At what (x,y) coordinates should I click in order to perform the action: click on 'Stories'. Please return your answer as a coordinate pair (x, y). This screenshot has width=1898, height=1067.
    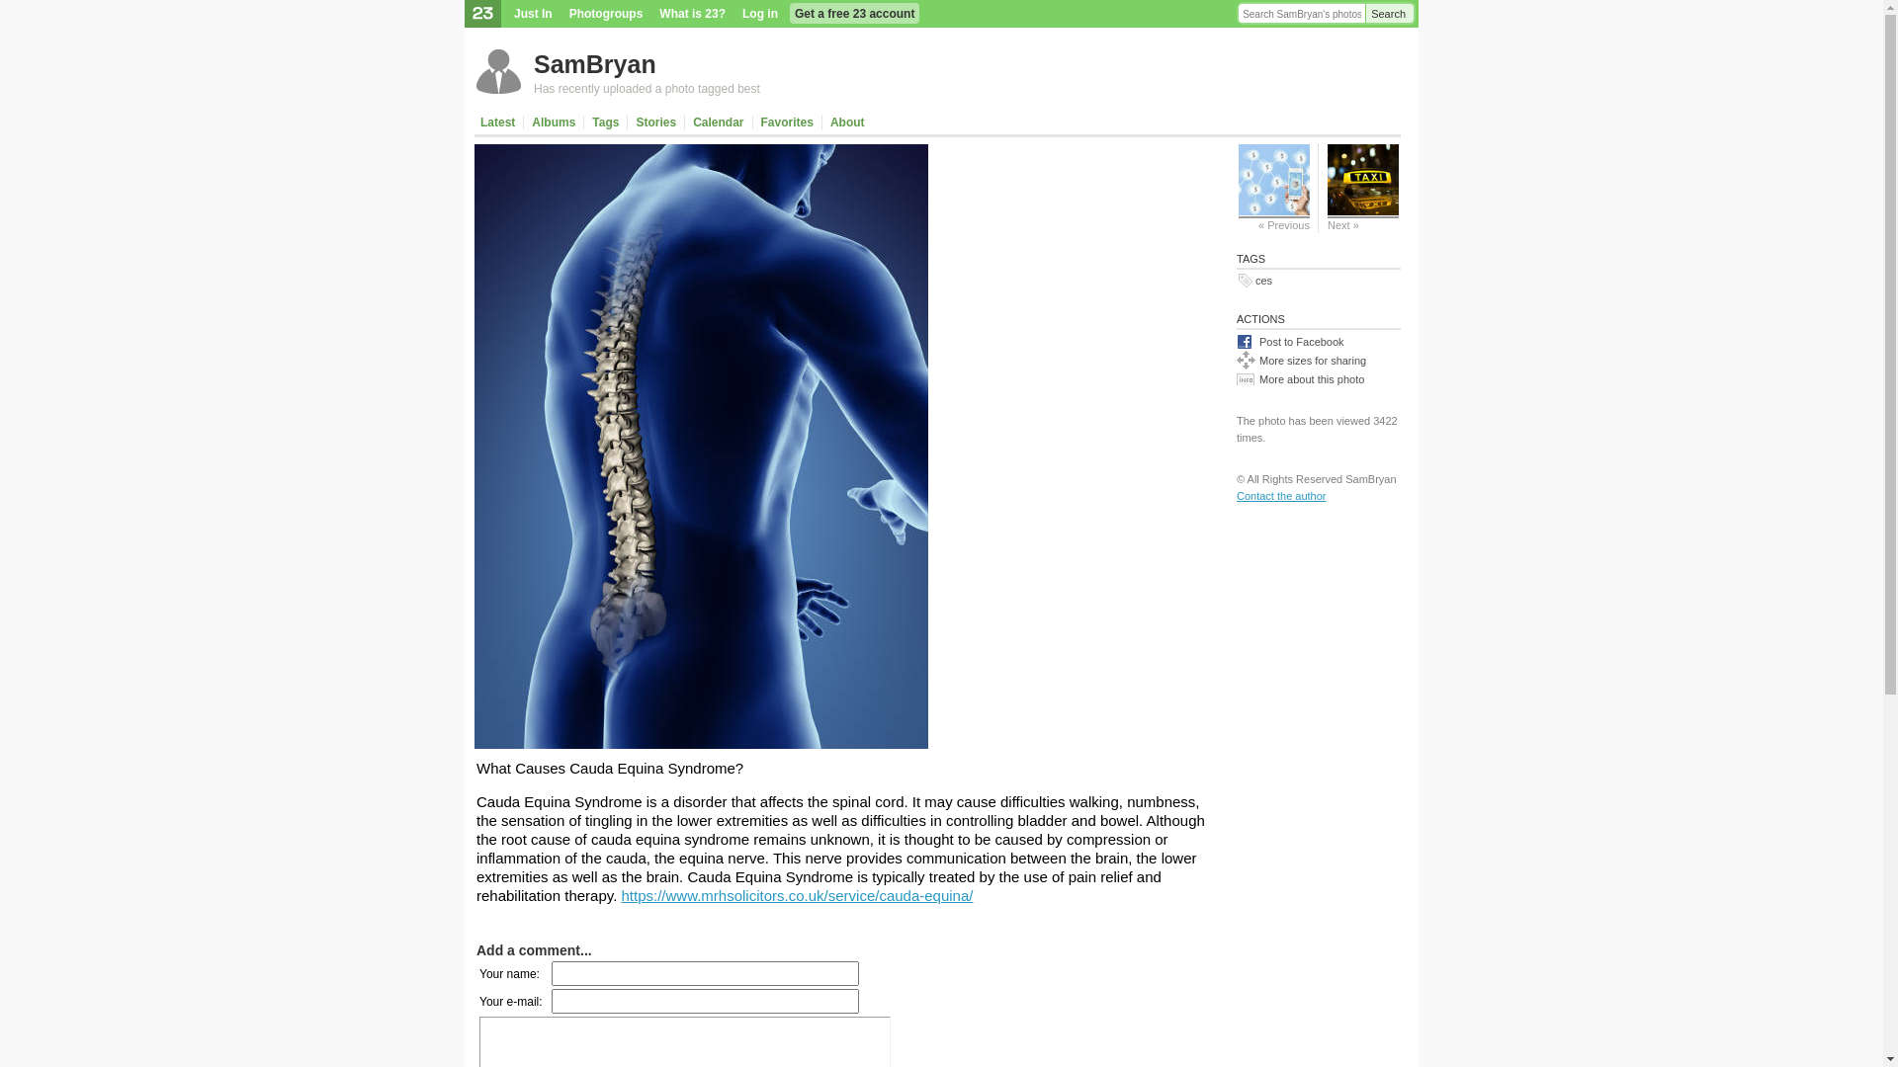
    Looking at the image, I should click on (655, 122).